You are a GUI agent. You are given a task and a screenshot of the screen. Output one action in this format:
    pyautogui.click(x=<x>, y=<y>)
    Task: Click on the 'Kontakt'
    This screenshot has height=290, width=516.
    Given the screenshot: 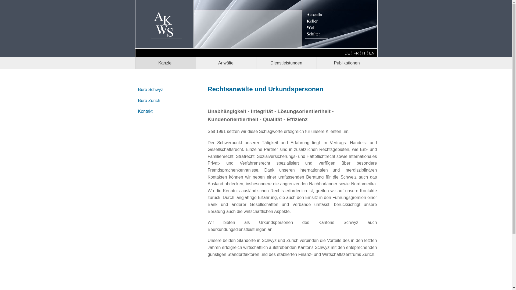 What is the action you would take?
    pyautogui.click(x=145, y=111)
    